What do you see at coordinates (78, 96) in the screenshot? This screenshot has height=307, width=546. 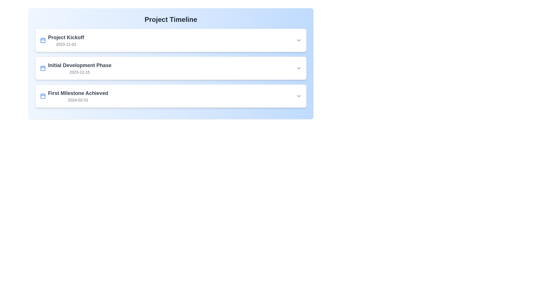 I see `the third entry in the vertically stacked list of milestones, which displays the milestone's title and associated date, located in the 'Project Timeline' section` at bounding box center [78, 96].